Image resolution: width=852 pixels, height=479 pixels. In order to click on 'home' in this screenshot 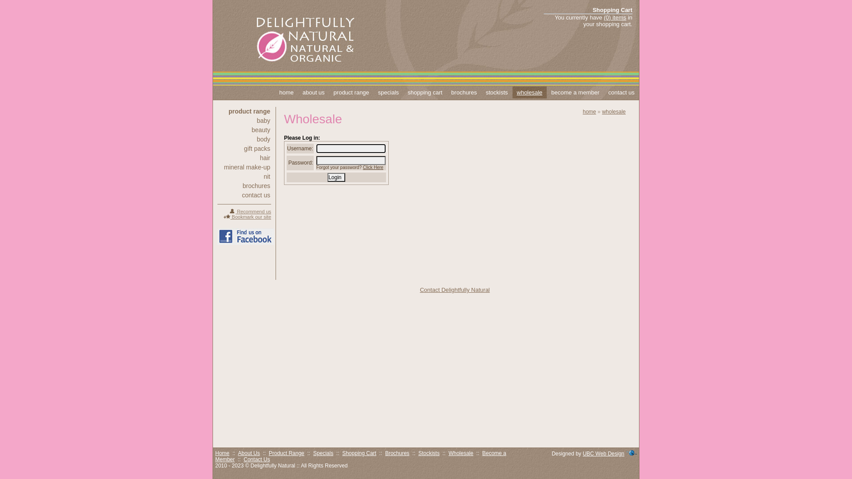, I will do `click(286, 92)`.